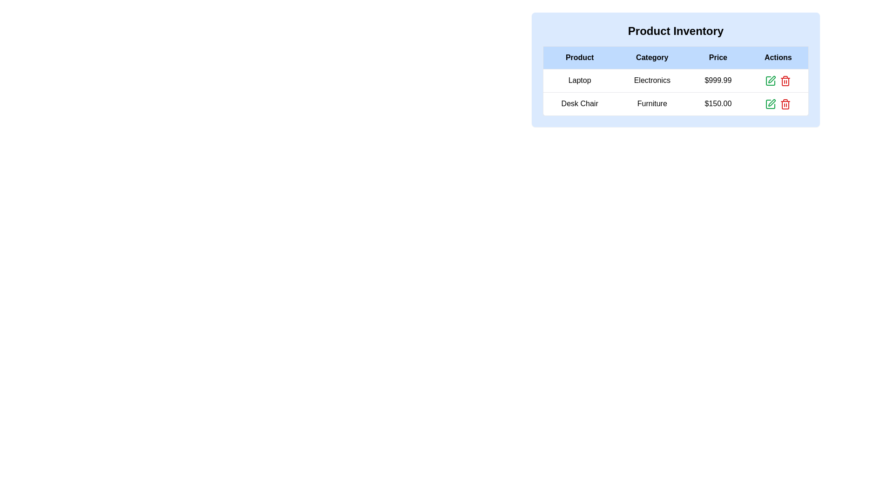 The height and width of the screenshot is (503, 894). Describe the element at coordinates (579, 57) in the screenshot. I see `text from the Table Header Cell that displays 'Product', which is the first column header in the table` at that location.